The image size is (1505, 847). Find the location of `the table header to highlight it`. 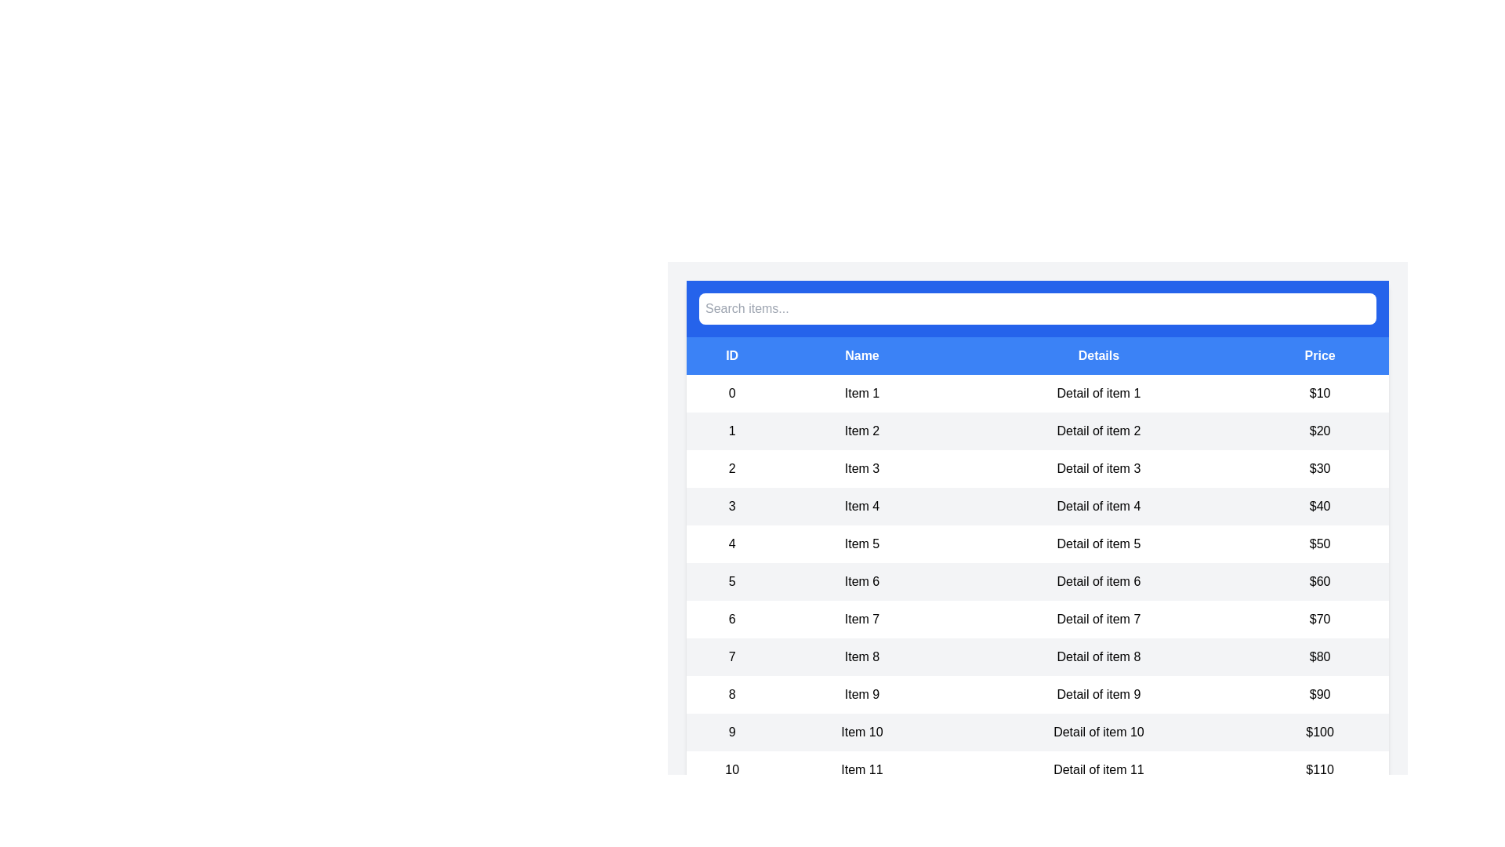

the table header to highlight it is located at coordinates (1038, 356).